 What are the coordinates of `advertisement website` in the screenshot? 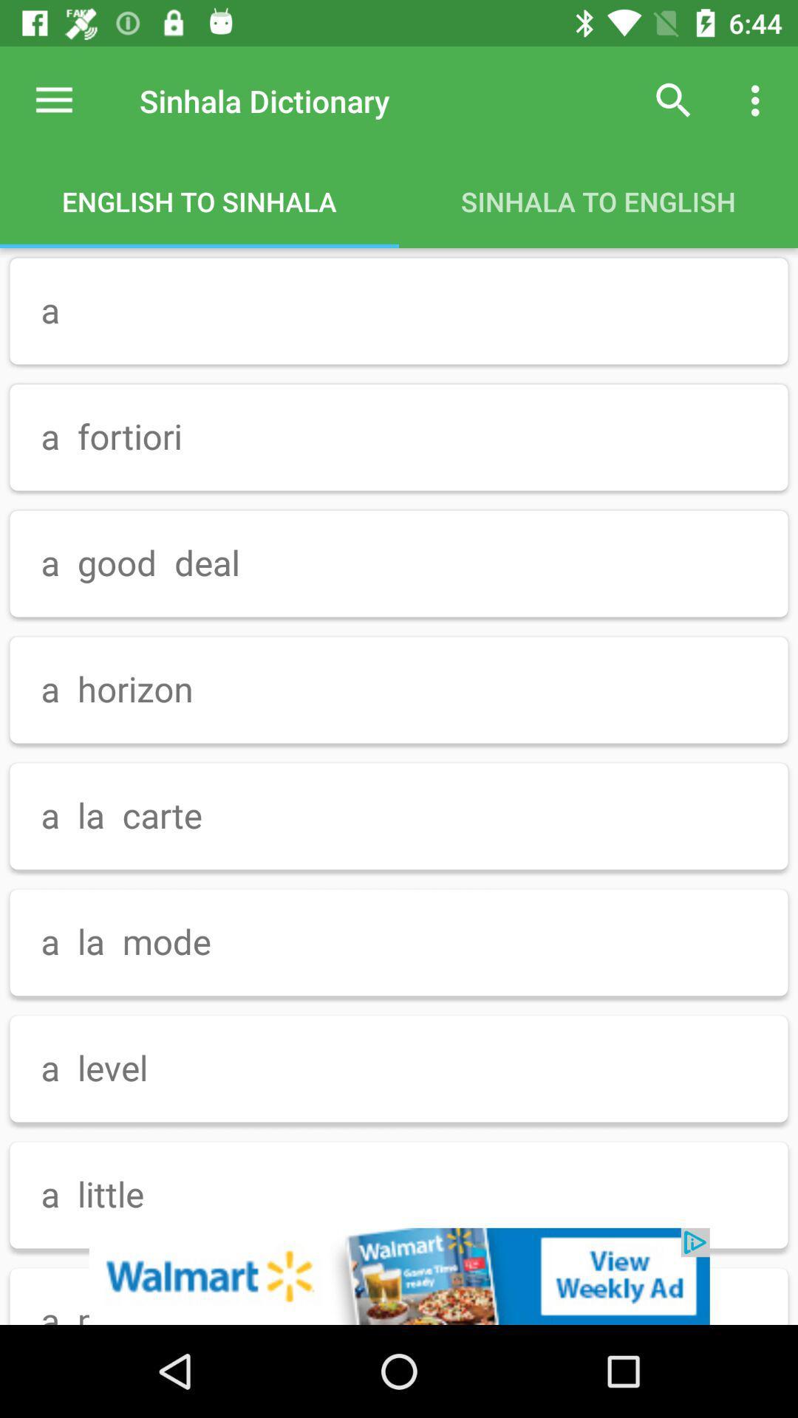 It's located at (399, 1275).